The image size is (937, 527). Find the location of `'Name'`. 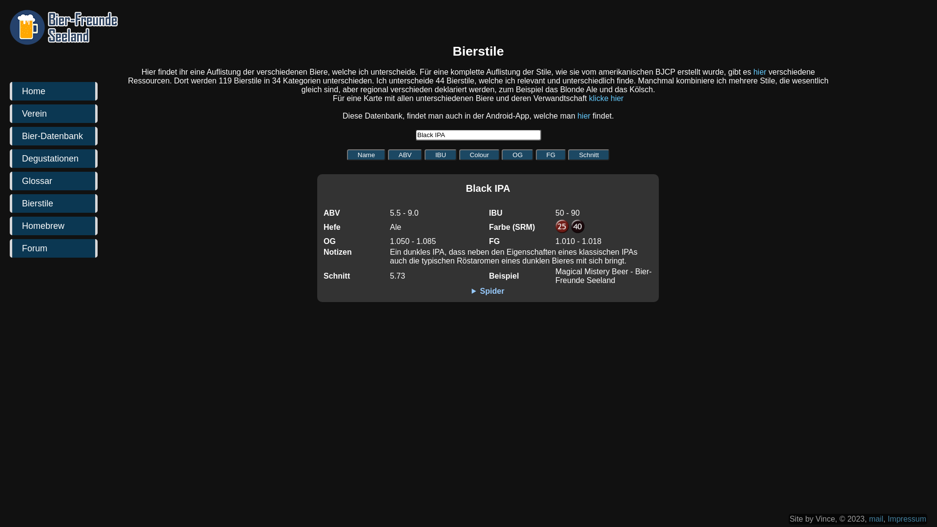

'Name' is located at coordinates (346, 154).